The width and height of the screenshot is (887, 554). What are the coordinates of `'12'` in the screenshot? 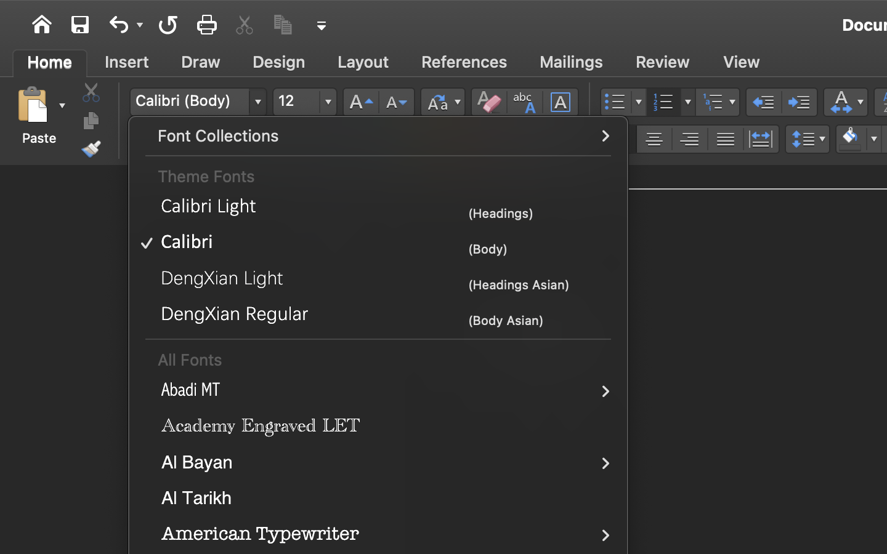 It's located at (304, 102).